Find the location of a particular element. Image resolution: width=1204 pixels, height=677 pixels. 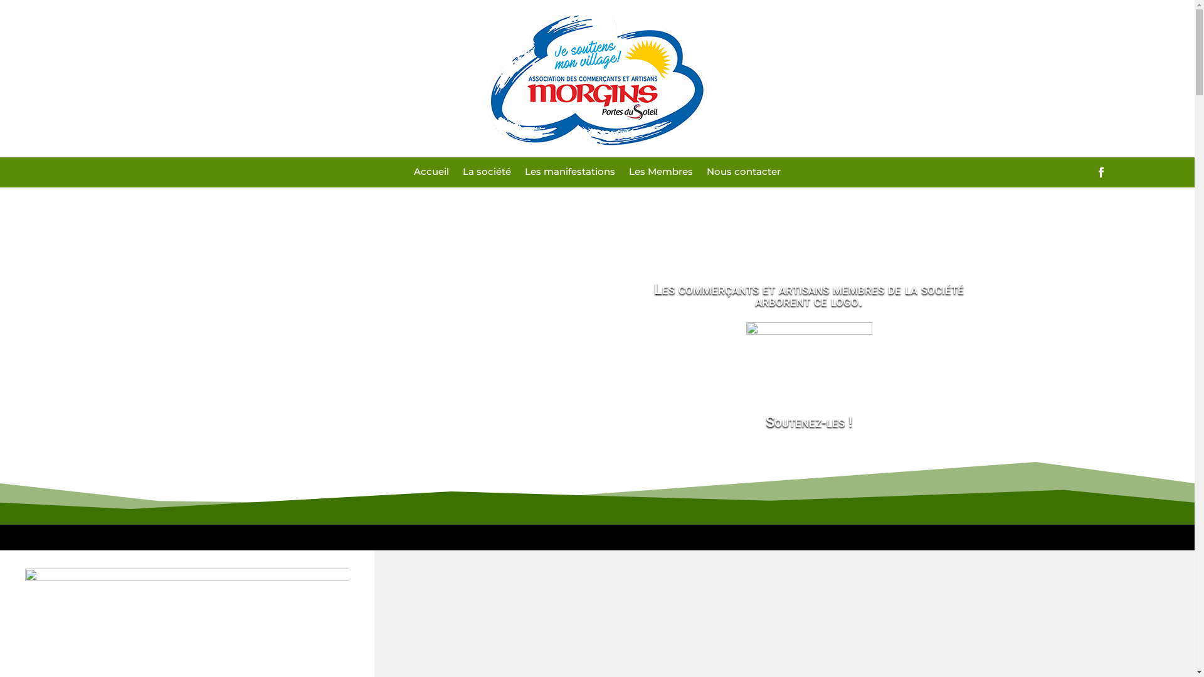

'logo ACAM' is located at coordinates (596, 78).